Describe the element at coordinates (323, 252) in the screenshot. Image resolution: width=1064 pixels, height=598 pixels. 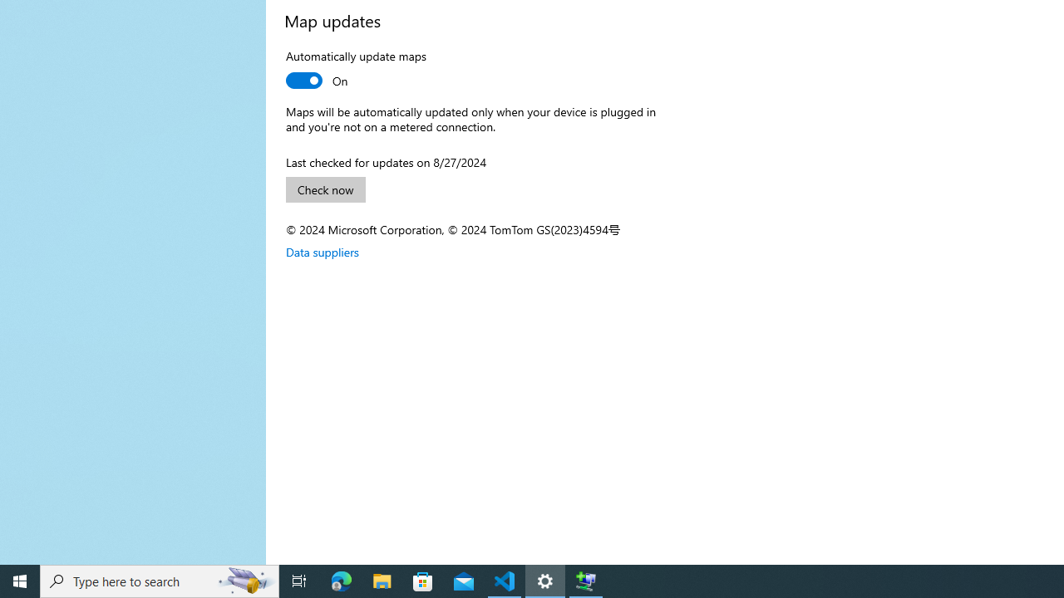
I see `'Data suppliers'` at that location.